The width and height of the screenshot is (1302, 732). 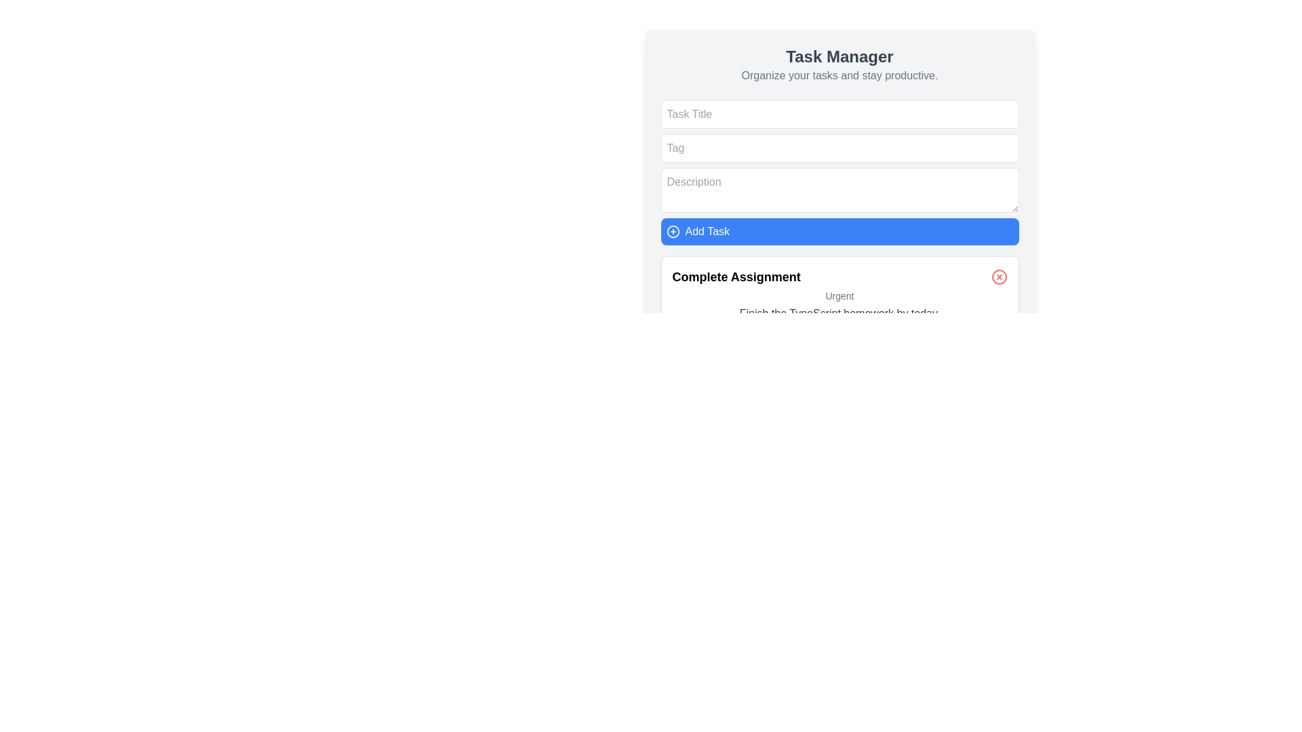 What do you see at coordinates (673, 231) in the screenshot?
I see `the blue and white plus symbol icon inside the circular border located on the left side of the 'Add Task' button in the Task Manager interface` at bounding box center [673, 231].